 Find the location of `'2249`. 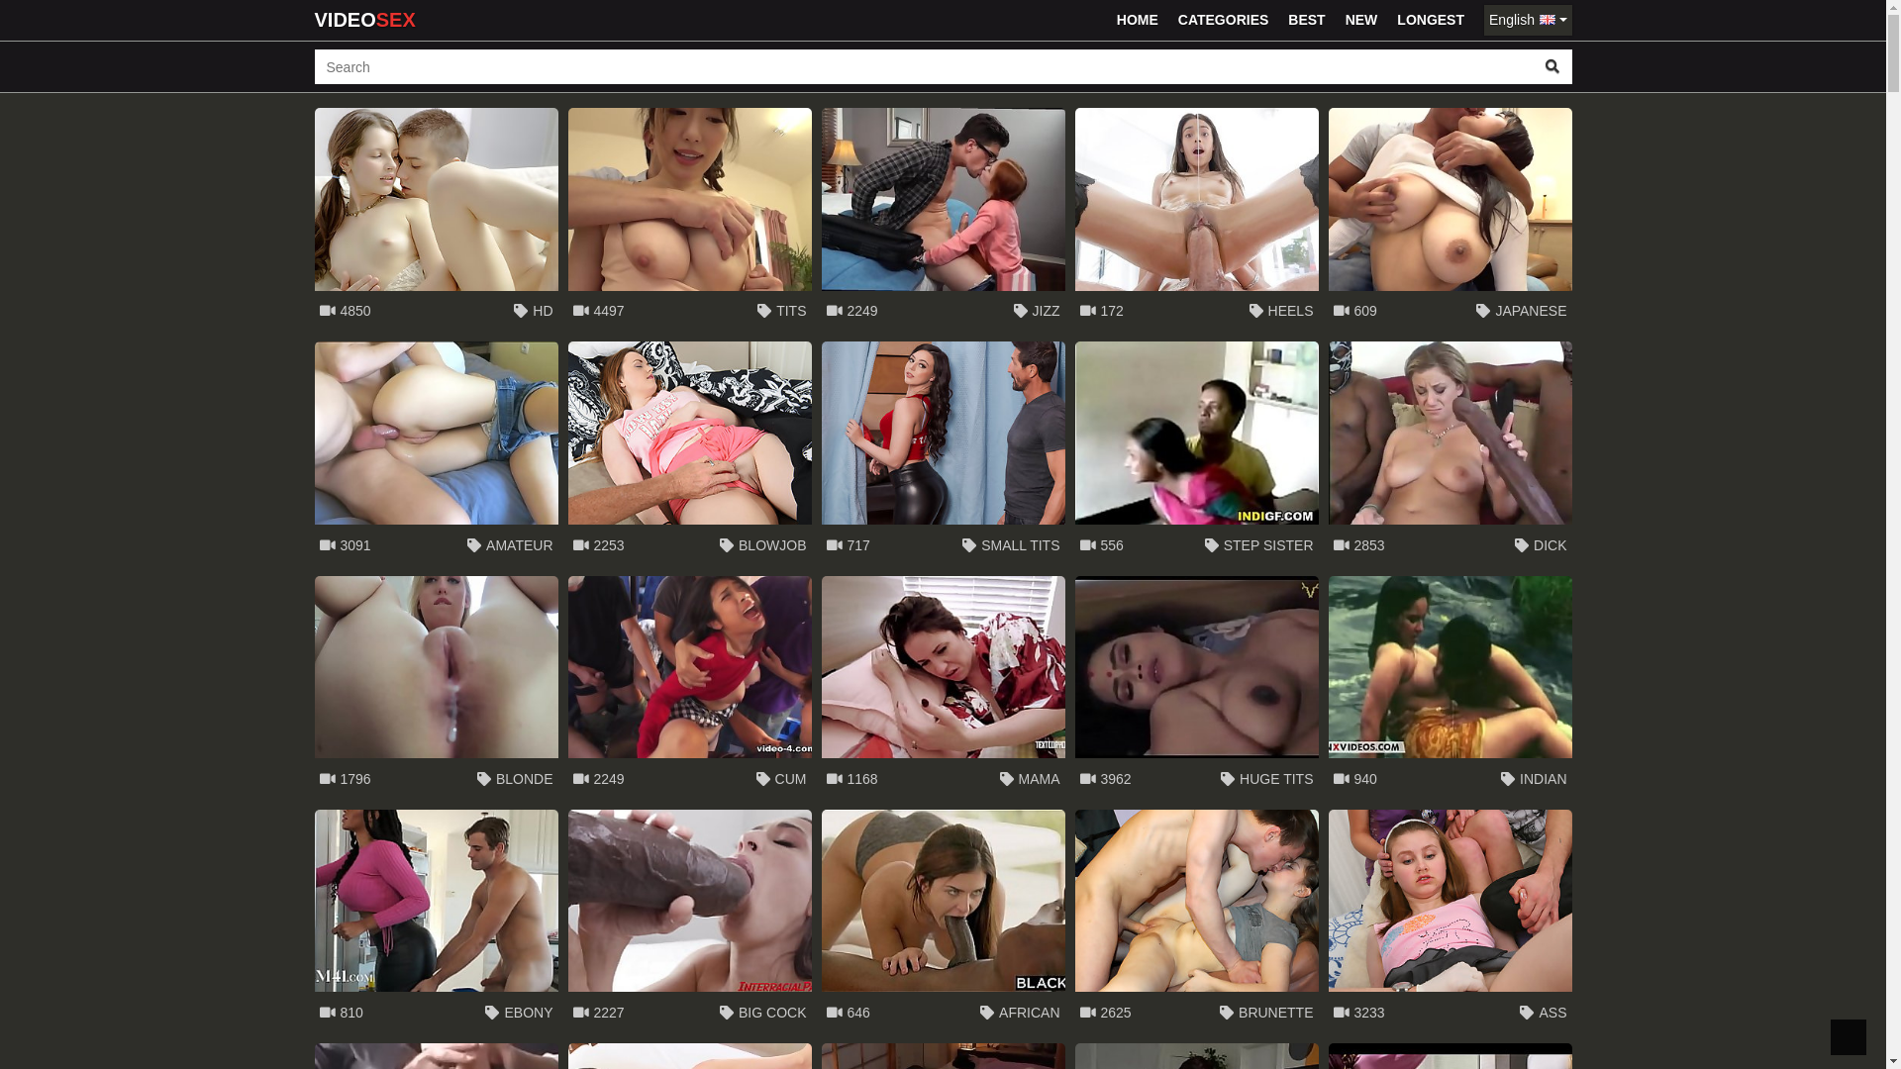

'2249 is located at coordinates (943, 220).